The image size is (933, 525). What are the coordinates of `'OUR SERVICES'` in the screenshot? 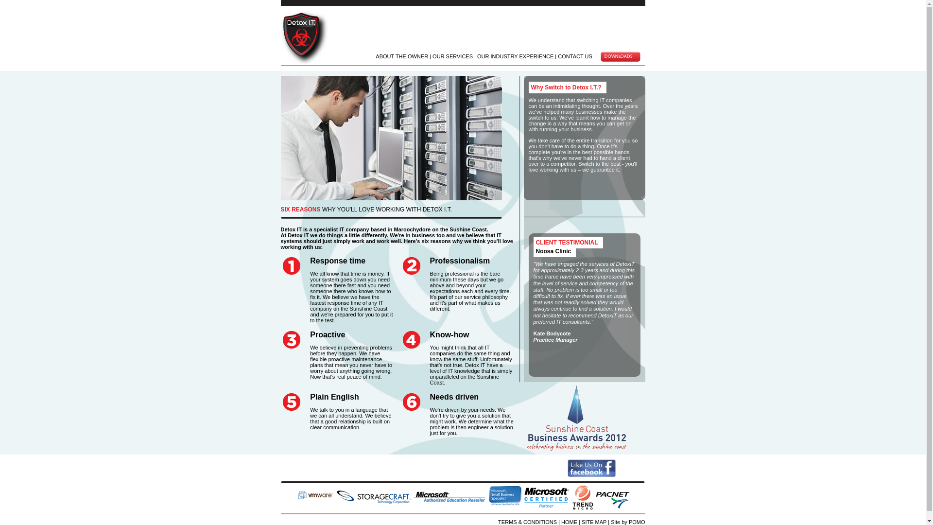 It's located at (432, 56).